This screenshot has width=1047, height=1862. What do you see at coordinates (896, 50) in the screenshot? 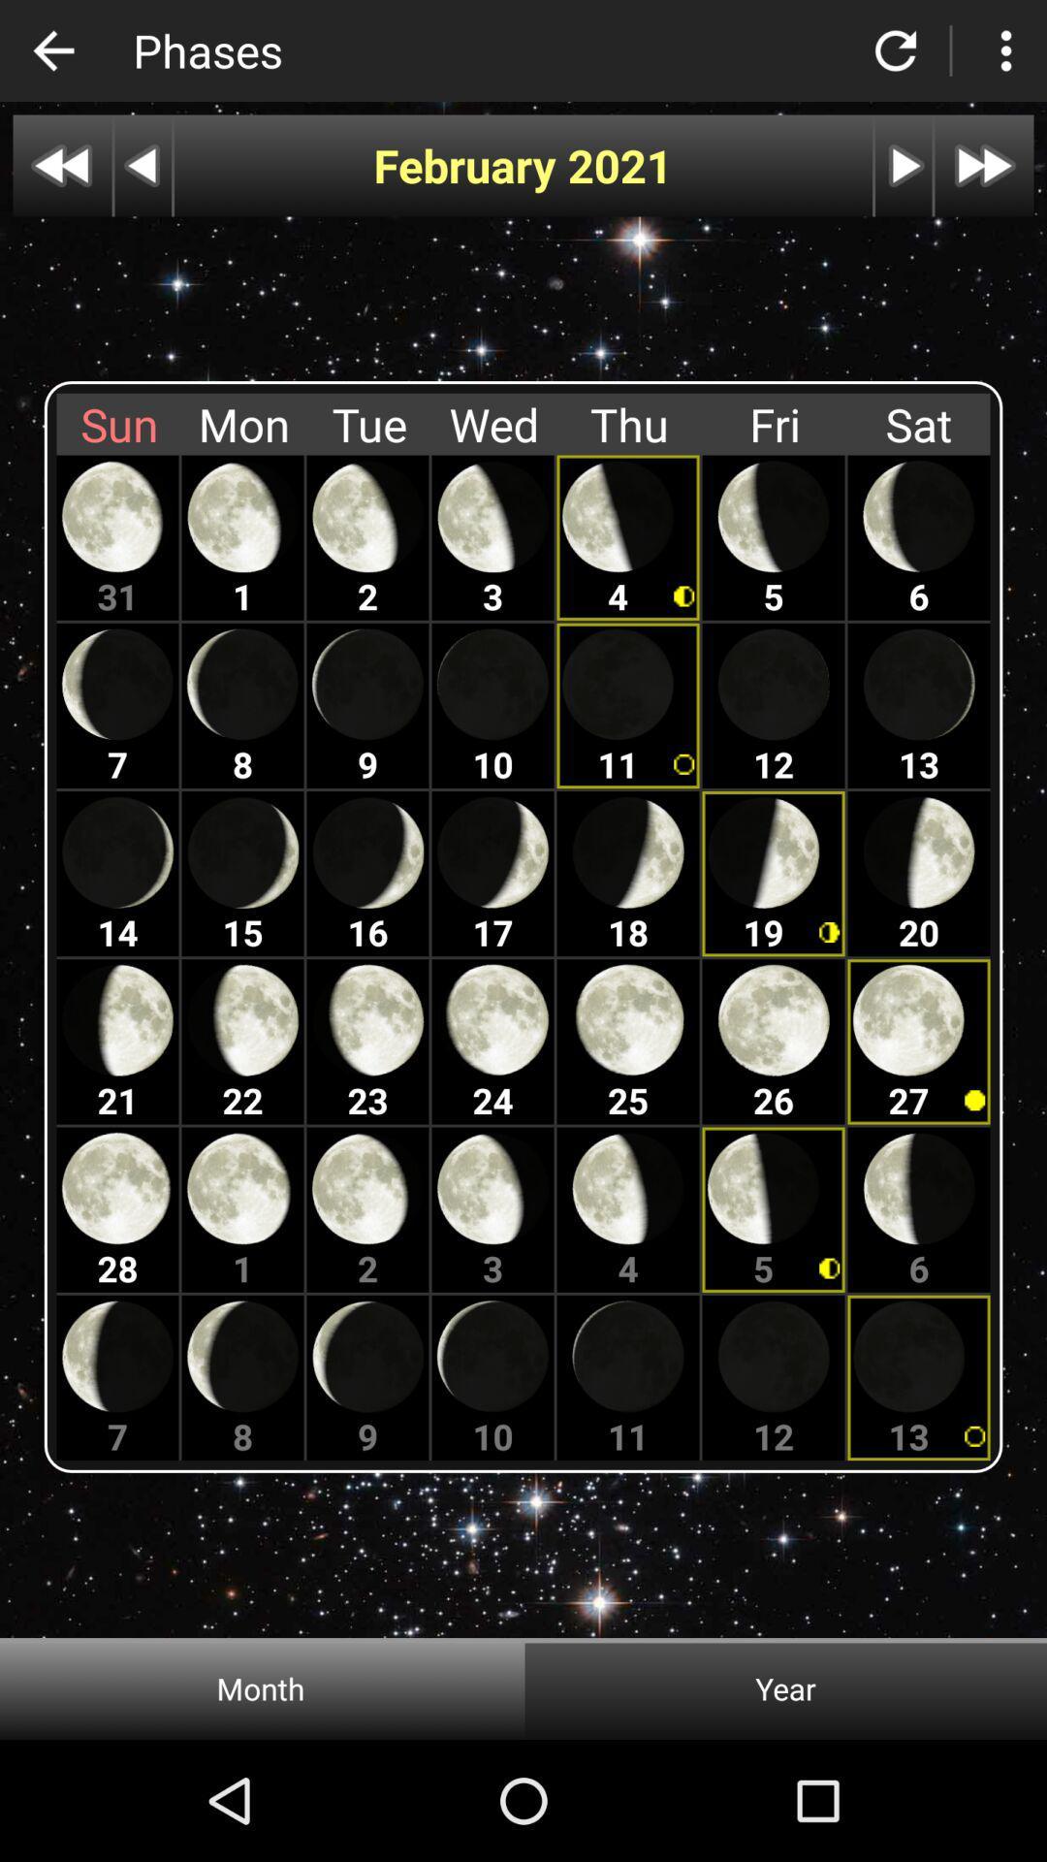
I see `reload option` at bounding box center [896, 50].